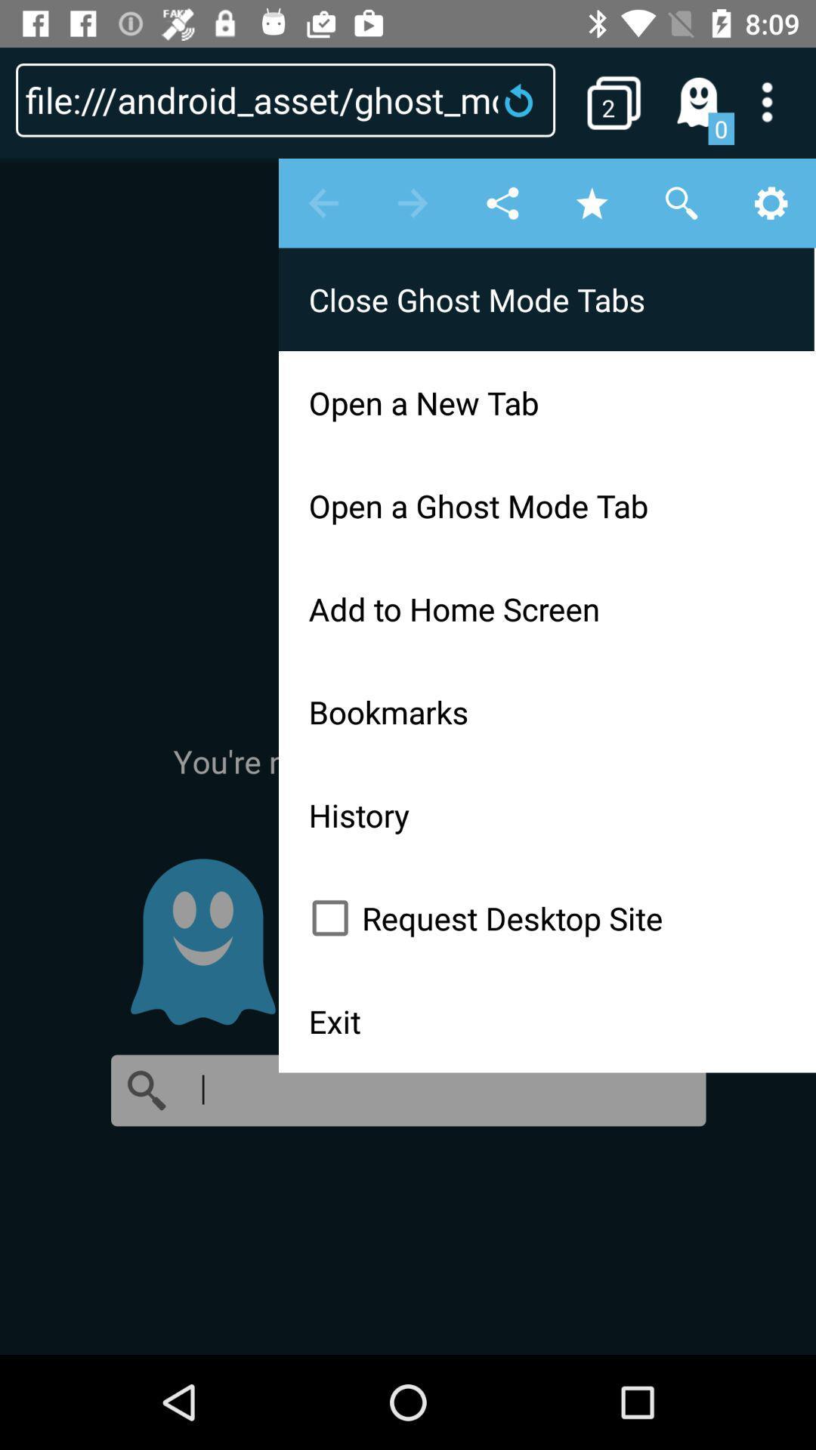 This screenshot has height=1450, width=816. What do you see at coordinates (777, 101) in the screenshot?
I see `the more icon` at bounding box center [777, 101].